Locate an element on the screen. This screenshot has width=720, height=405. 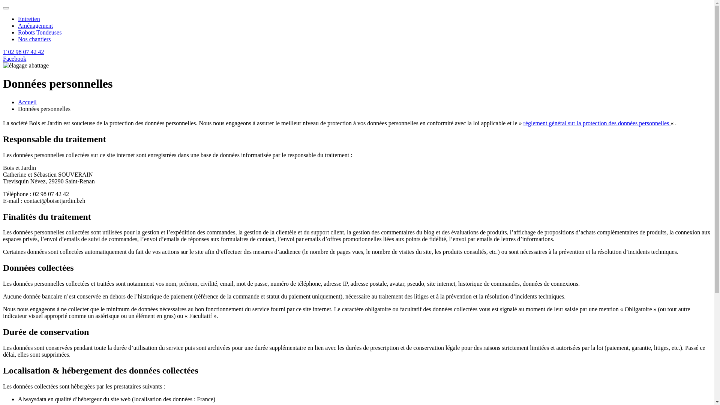
'Accueil' is located at coordinates (27, 102).